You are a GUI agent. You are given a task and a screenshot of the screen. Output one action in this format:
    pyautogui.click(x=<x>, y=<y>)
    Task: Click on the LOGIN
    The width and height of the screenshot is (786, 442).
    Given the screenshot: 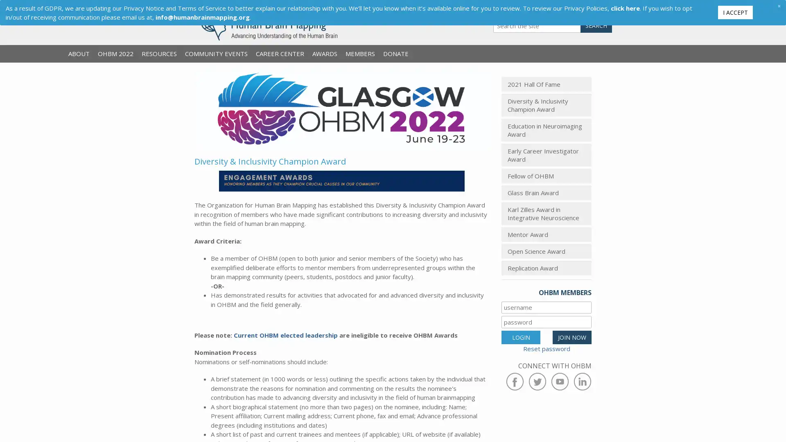 What is the action you would take?
    pyautogui.click(x=520, y=337)
    